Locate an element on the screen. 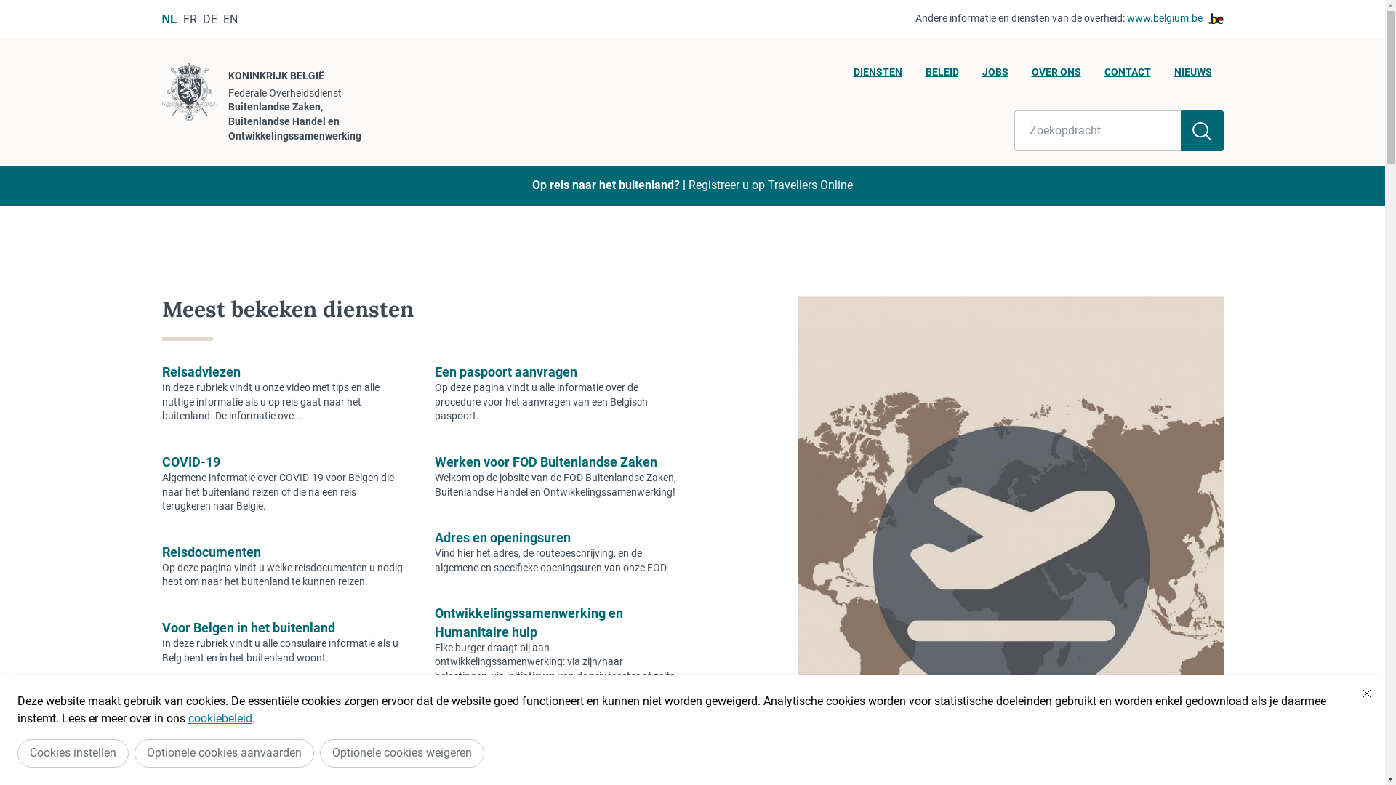 The width and height of the screenshot is (1396, 785). 'Reisdocumenten' is located at coordinates (209, 552).